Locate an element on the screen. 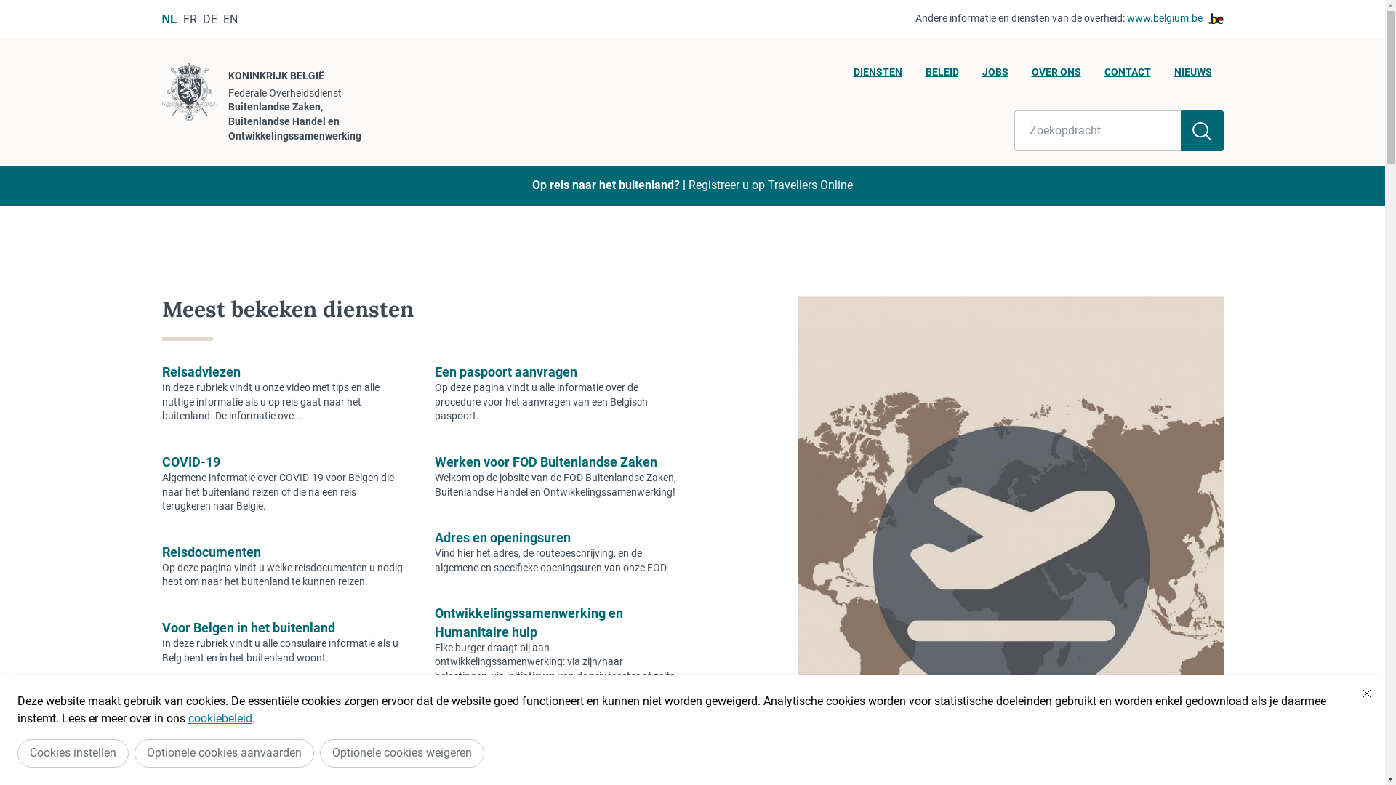 The width and height of the screenshot is (1396, 785). 'Reisdocumenten' is located at coordinates (209, 552).